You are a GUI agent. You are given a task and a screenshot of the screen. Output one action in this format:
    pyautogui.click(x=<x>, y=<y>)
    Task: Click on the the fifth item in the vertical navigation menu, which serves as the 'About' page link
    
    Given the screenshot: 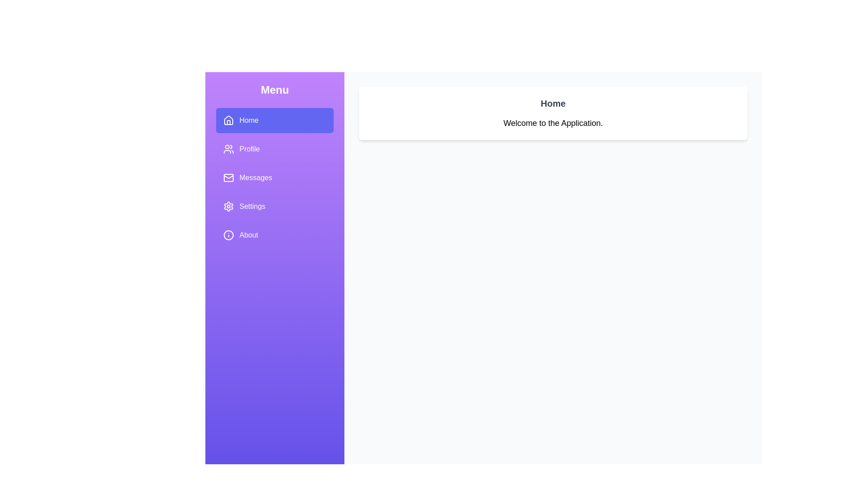 What is the action you would take?
    pyautogui.click(x=274, y=234)
    